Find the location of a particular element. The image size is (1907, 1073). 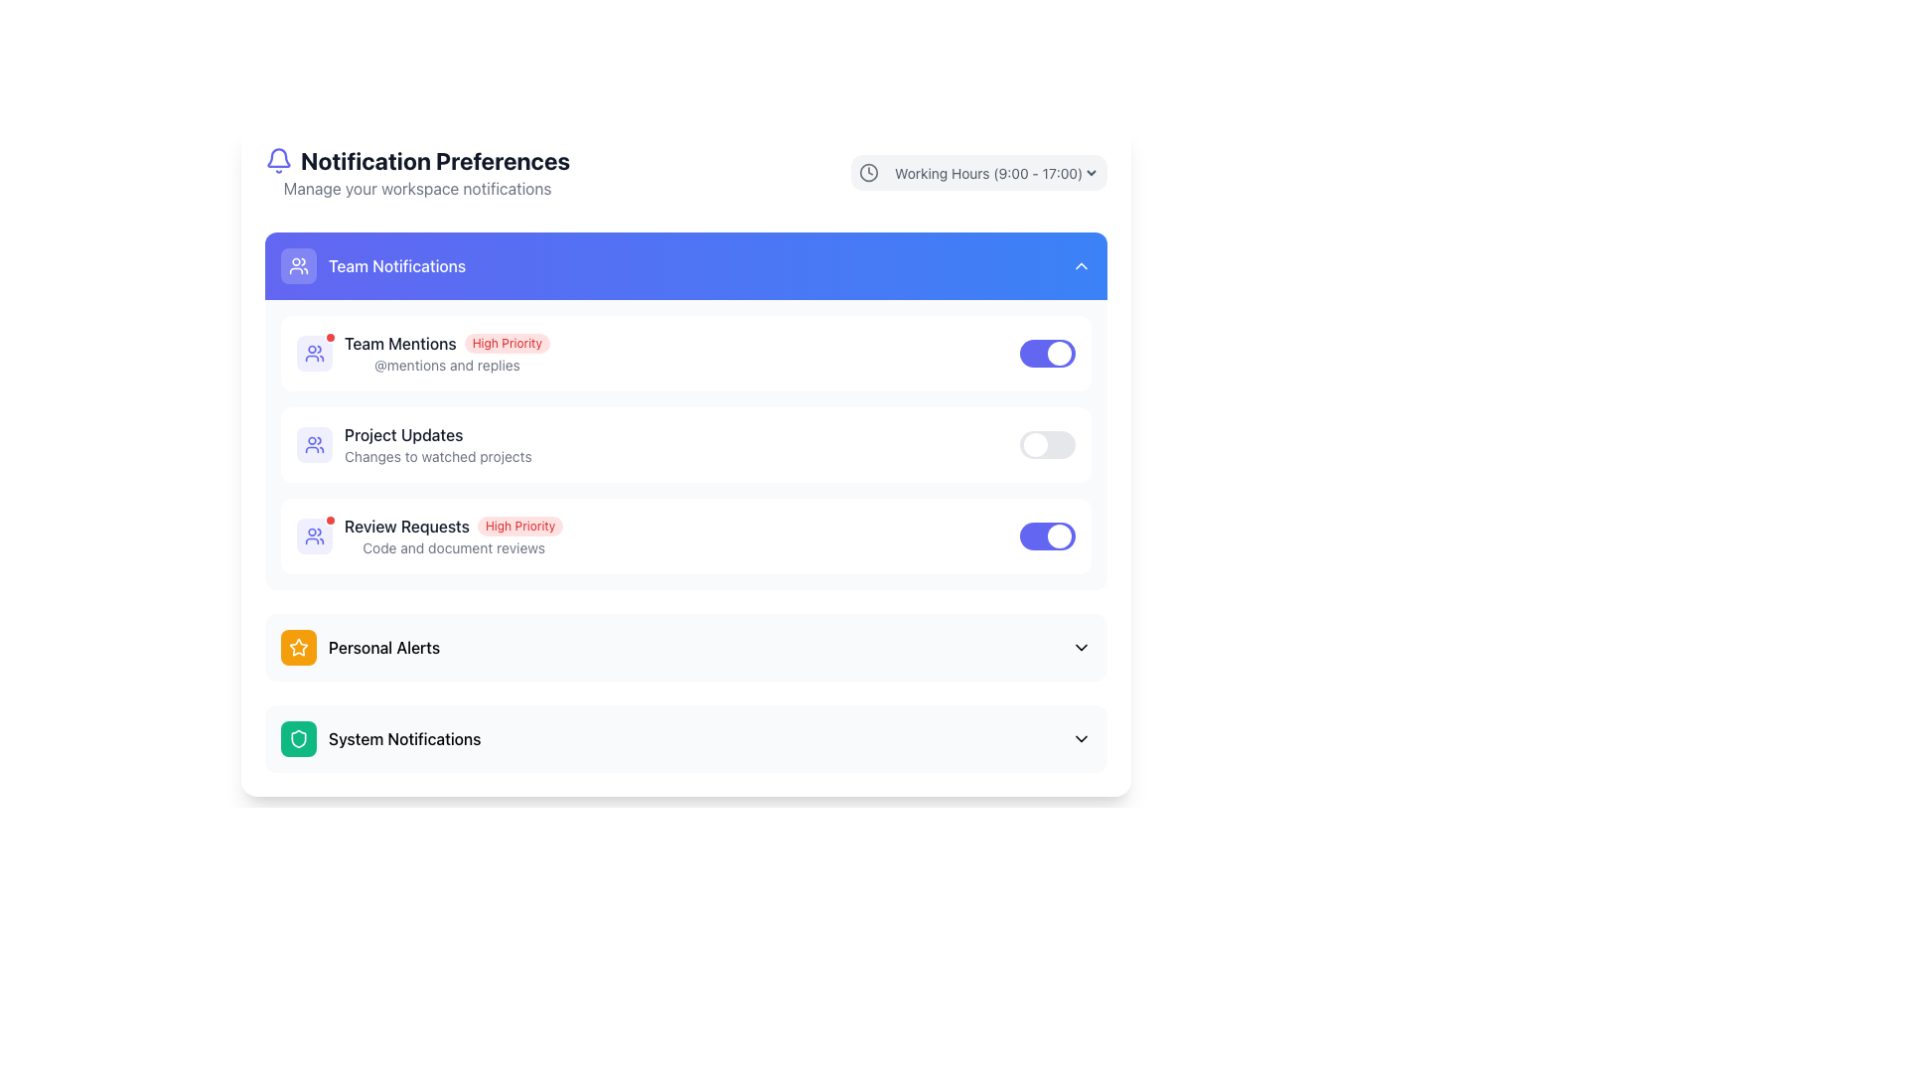

the clock icon represented by the circle in the SVG, located near the top-right corner of the interface, adjacent to the 'Working Hours' dropdown menu is located at coordinates (868, 171).